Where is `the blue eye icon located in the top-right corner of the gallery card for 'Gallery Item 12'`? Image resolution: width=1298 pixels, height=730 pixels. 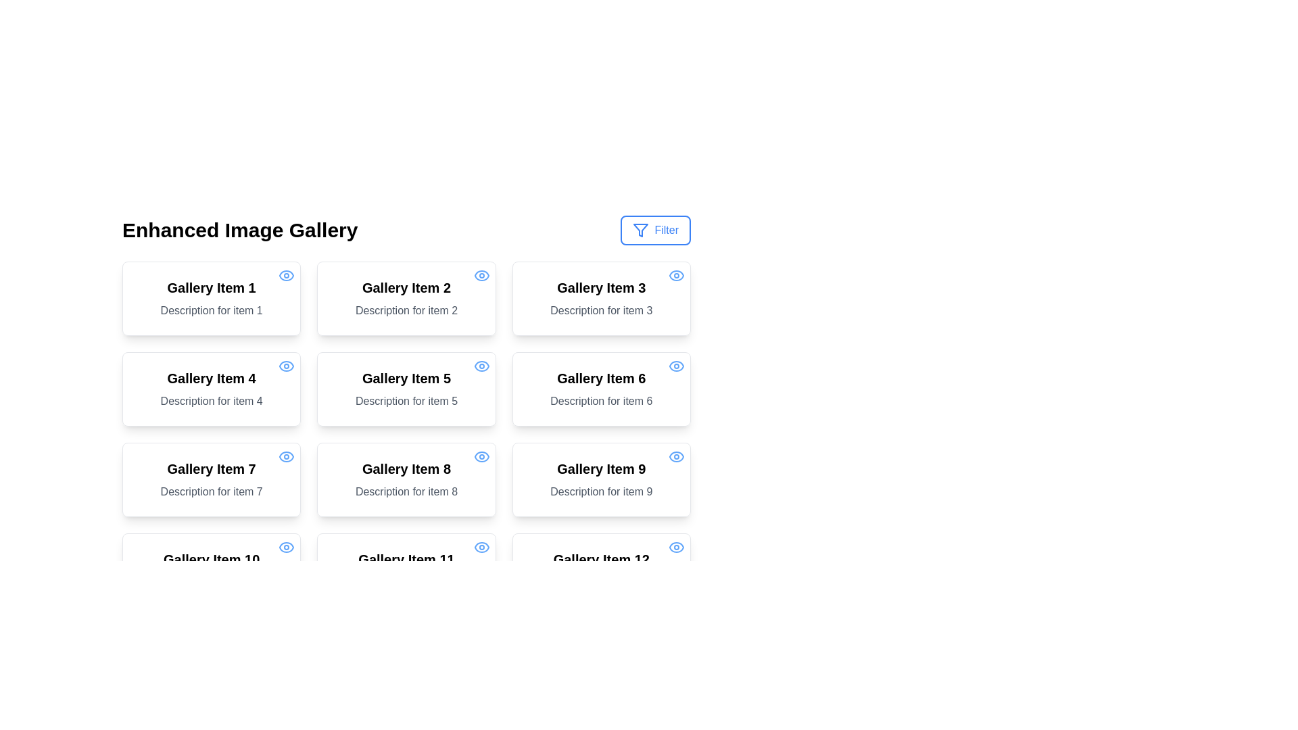
the blue eye icon located in the top-right corner of the gallery card for 'Gallery Item 12' is located at coordinates (677, 547).